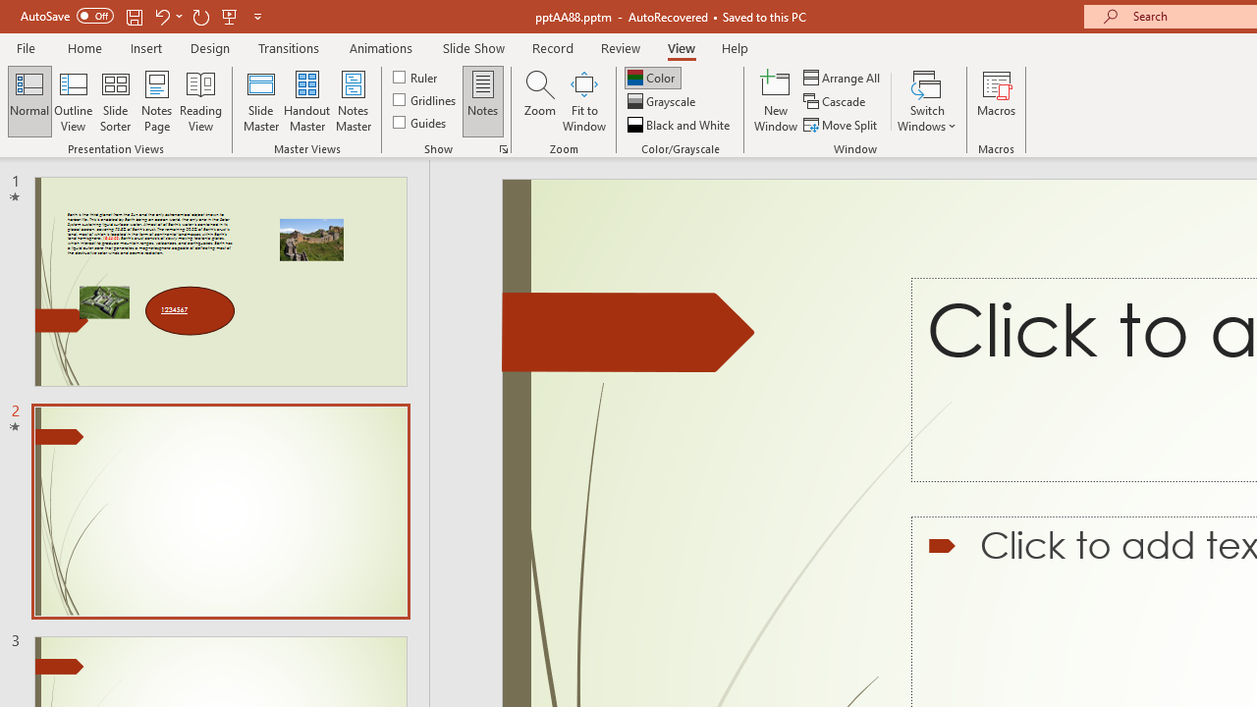 This screenshot has height=707, width=1257. What do you see at coordinates (652, 77) in the screenshot?
I see `'Color'` at bounding box center [652, 77].